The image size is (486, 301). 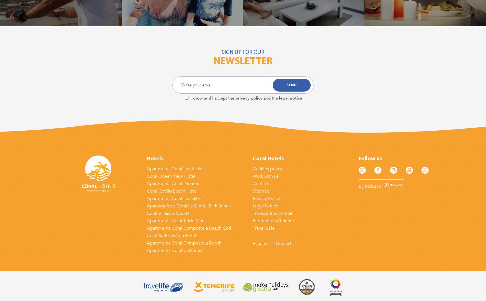 I want to click on 'Deutsch', so click(x=284, y=244).